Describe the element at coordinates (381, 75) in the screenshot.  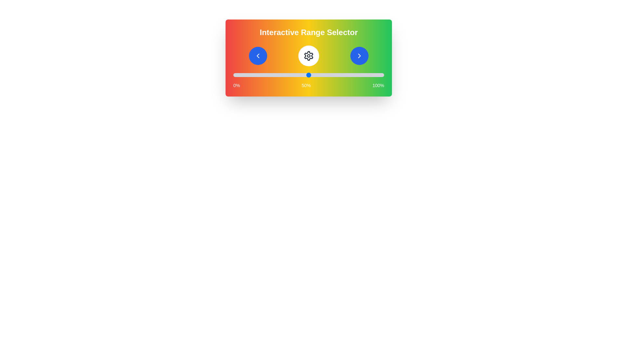
I see `the slider to set the value to 98` at that location.